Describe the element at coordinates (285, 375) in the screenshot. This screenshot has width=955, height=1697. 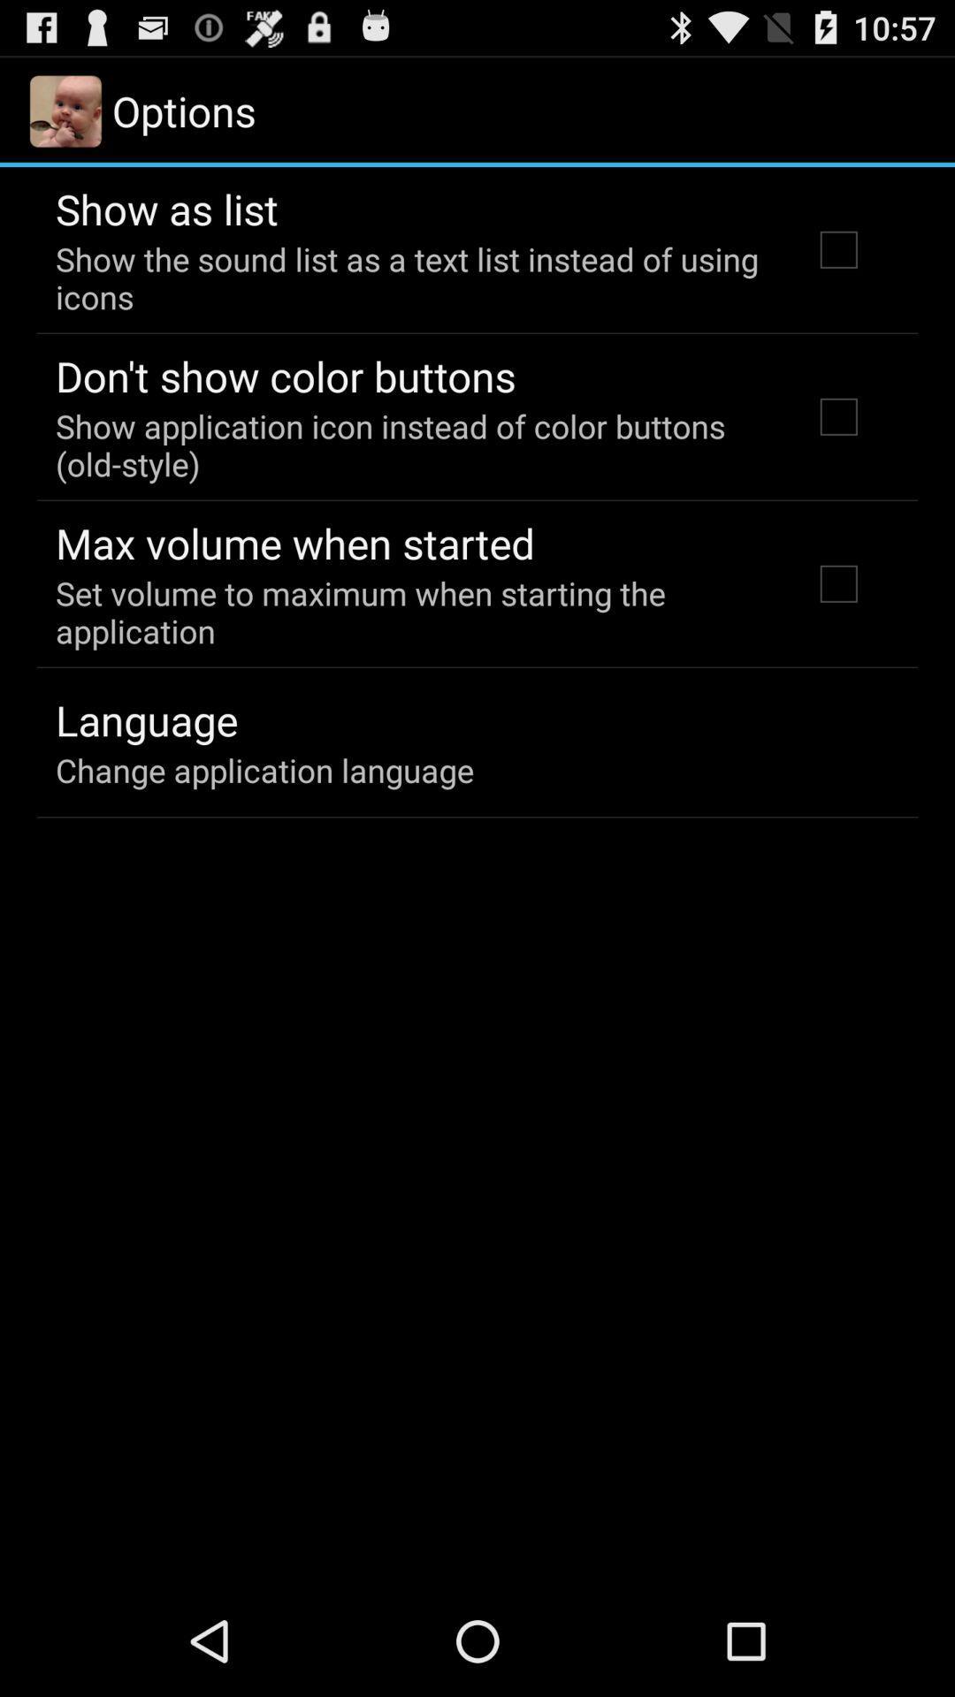
I see `item above the show application icon item` at that location.